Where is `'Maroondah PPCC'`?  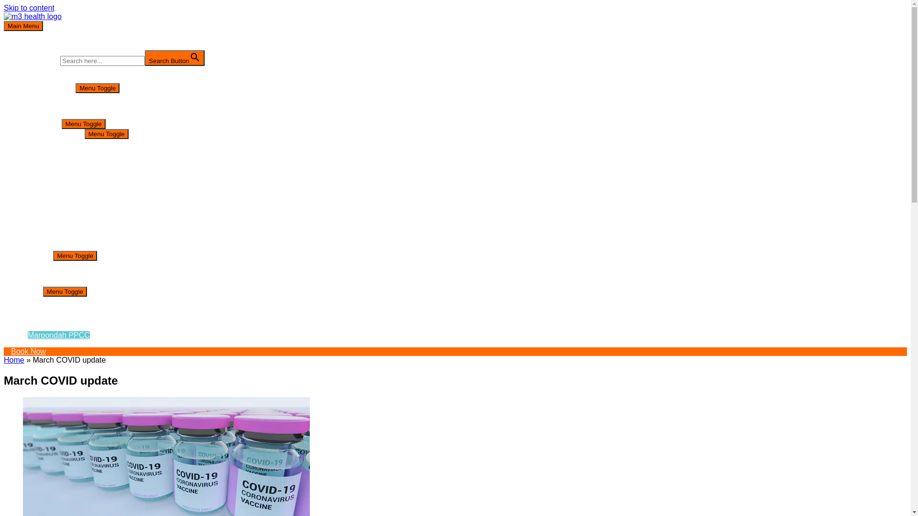 'Maroondah PPCC' is located at coordinates (58, 334).